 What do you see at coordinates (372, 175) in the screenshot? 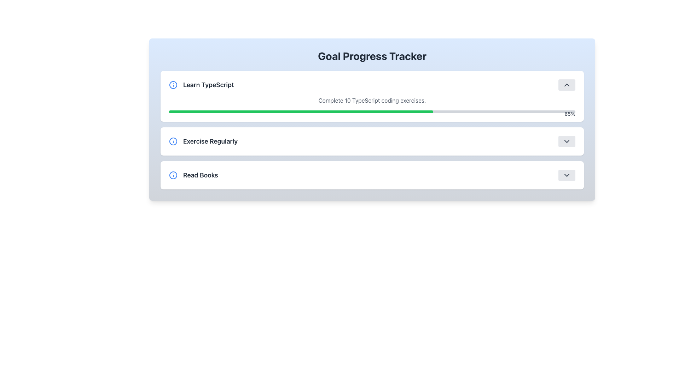
I see `the 'Read Books' card element, which is the third item in a vertical list of similar cards, featuring a white background, rounded corners, and associated icons` at bounding box center [372, 175].